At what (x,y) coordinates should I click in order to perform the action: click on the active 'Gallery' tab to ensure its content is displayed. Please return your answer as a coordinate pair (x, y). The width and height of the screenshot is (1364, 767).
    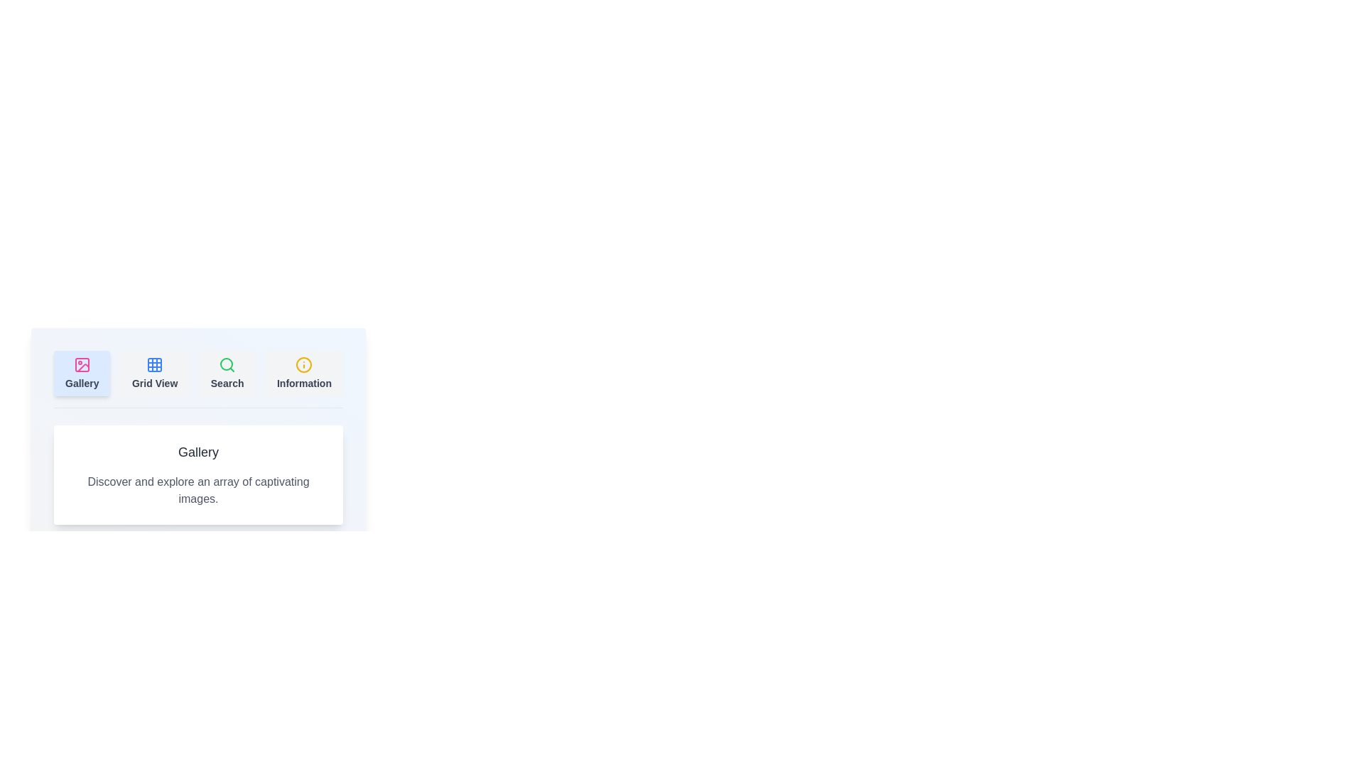
    Looking at the image, I should click on (81, 372).